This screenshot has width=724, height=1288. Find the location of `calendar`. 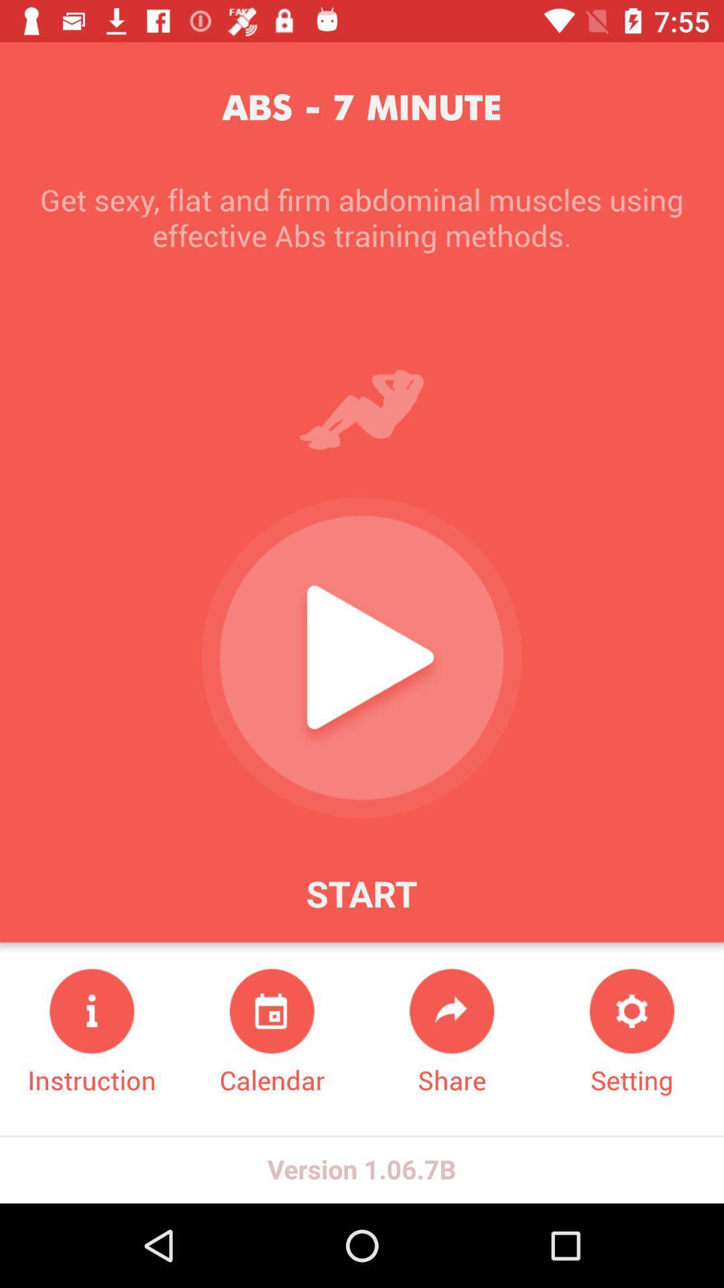

calendar is located at coordinates (271, 1032).